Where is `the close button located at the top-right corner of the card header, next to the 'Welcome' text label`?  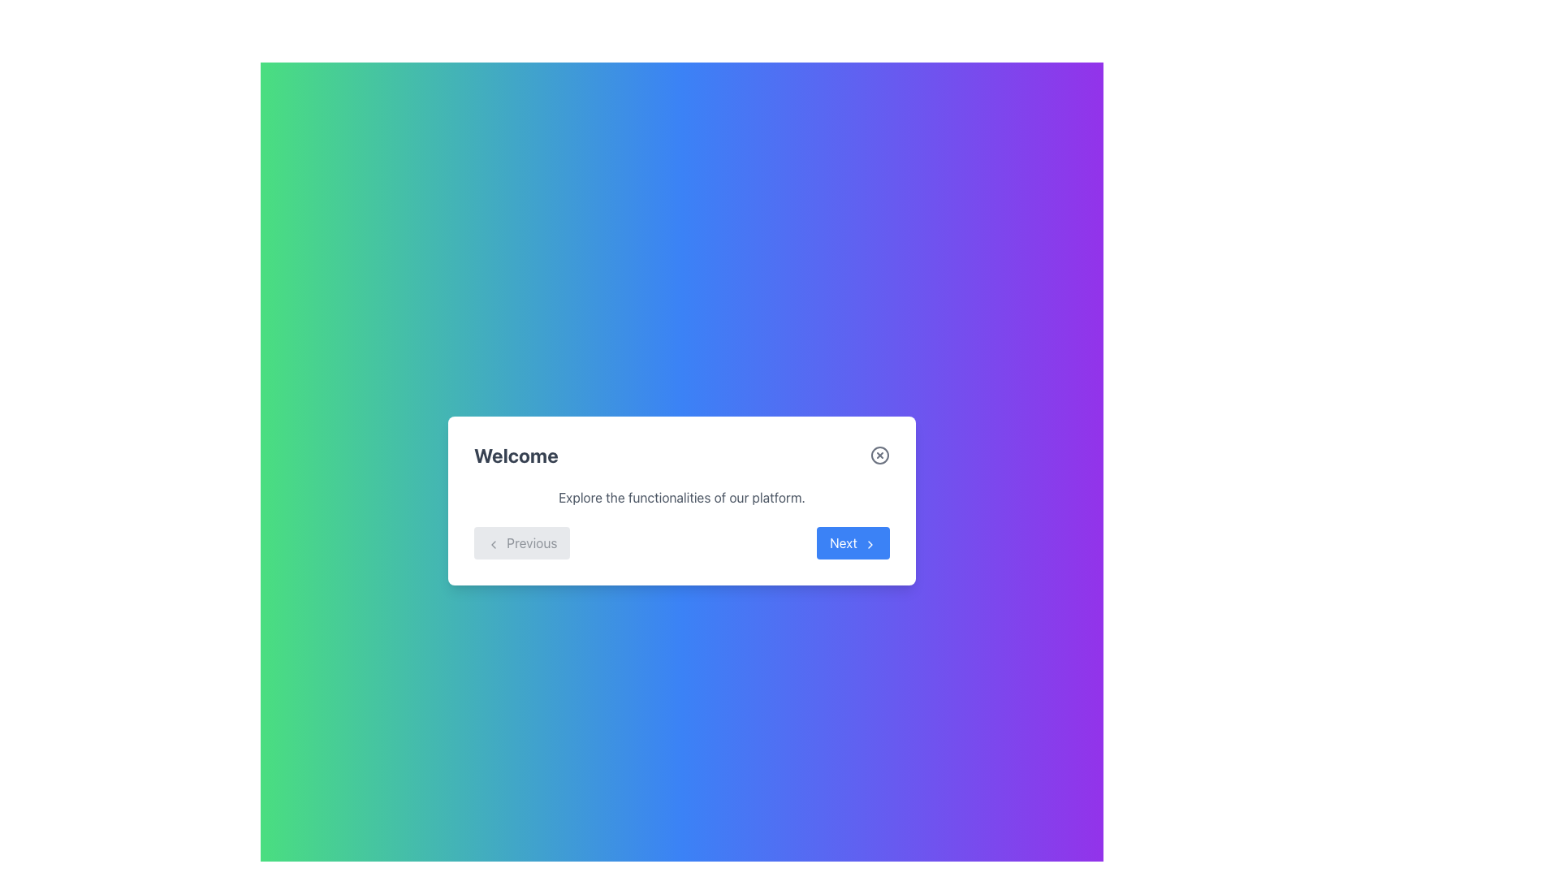
the close button located at the top-right corner of the card header, next to the 'Welcome' text label is located at coordinates (879, 455).